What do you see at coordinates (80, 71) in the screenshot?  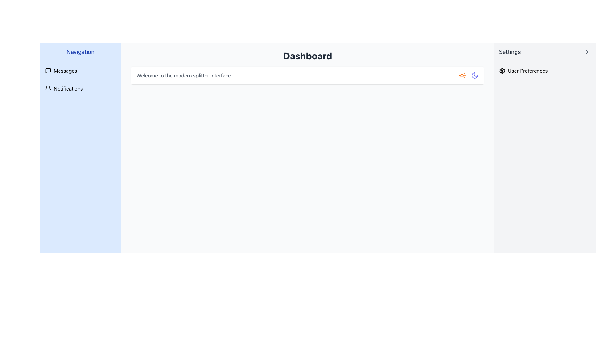 I see `the first Navigation Menu Item in the left-aligned sidebar` at bounding box center [80, 71].